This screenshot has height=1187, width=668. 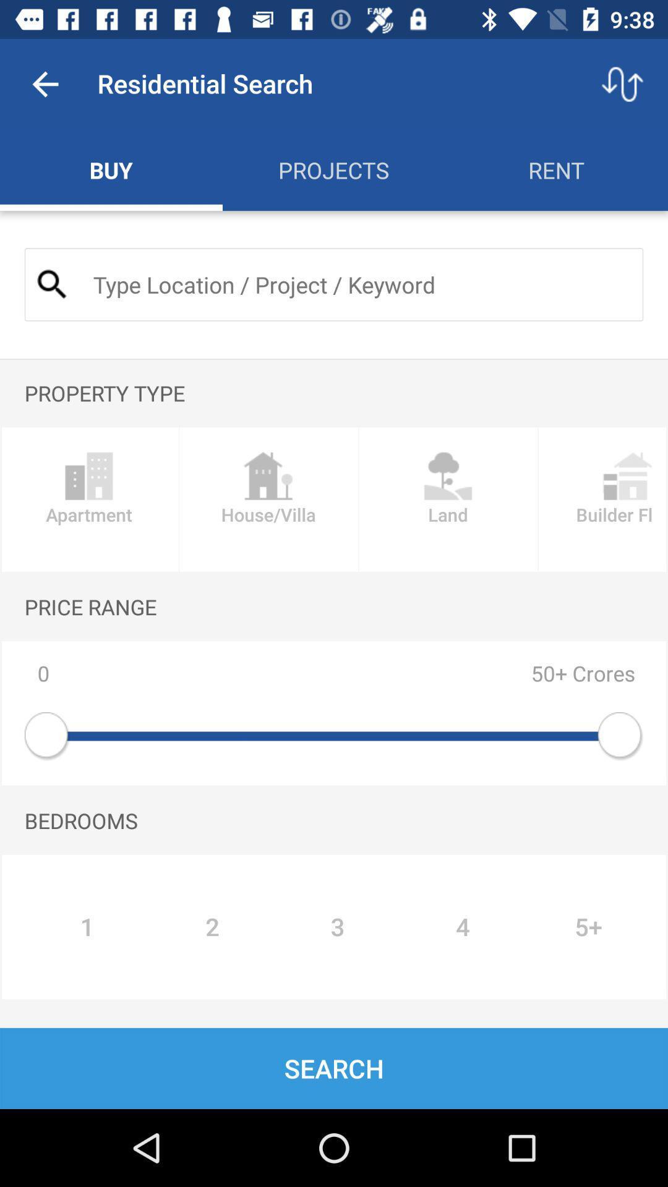 I want to click on the icon above the search icon, so click(x=87, y=927).